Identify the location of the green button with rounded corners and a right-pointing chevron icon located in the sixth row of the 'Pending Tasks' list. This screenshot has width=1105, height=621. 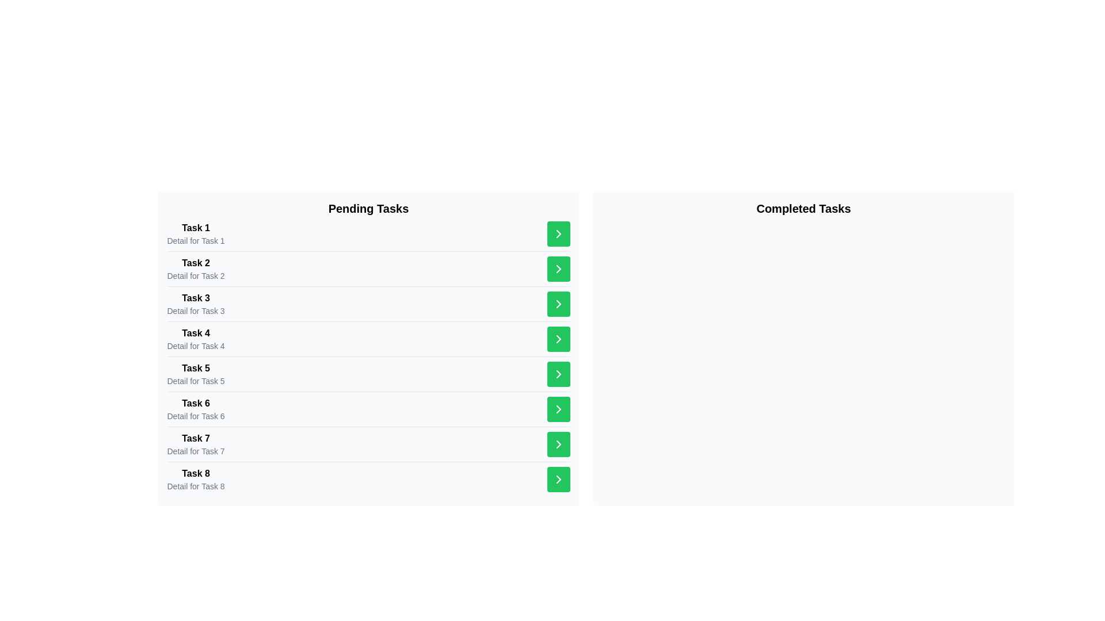
(558, 409).